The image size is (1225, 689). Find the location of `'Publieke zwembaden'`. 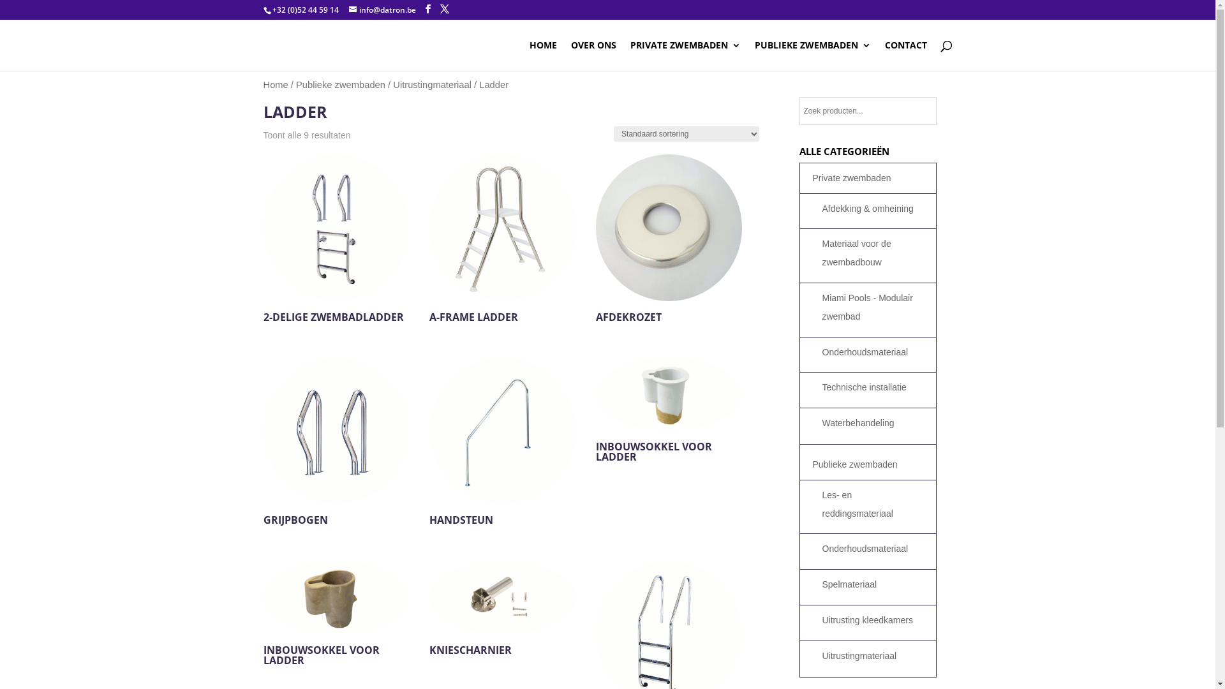

'Publieke zwembaden' is located at coordinates (295, 84).